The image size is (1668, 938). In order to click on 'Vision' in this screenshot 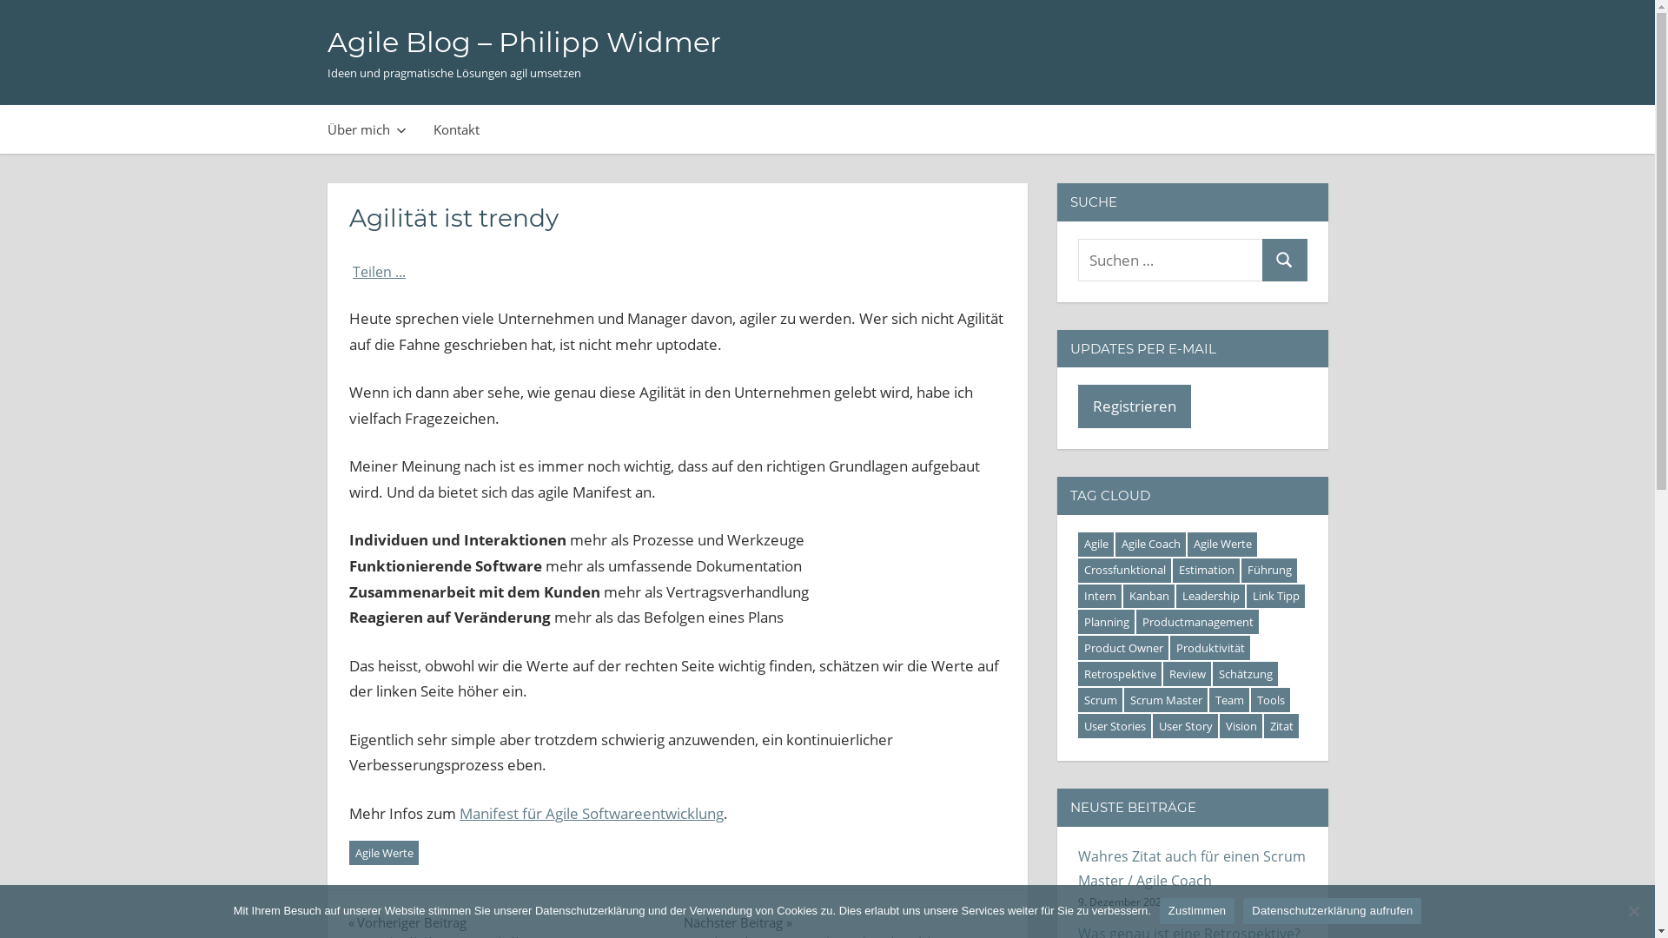, I will do `click(1218, 726)`.